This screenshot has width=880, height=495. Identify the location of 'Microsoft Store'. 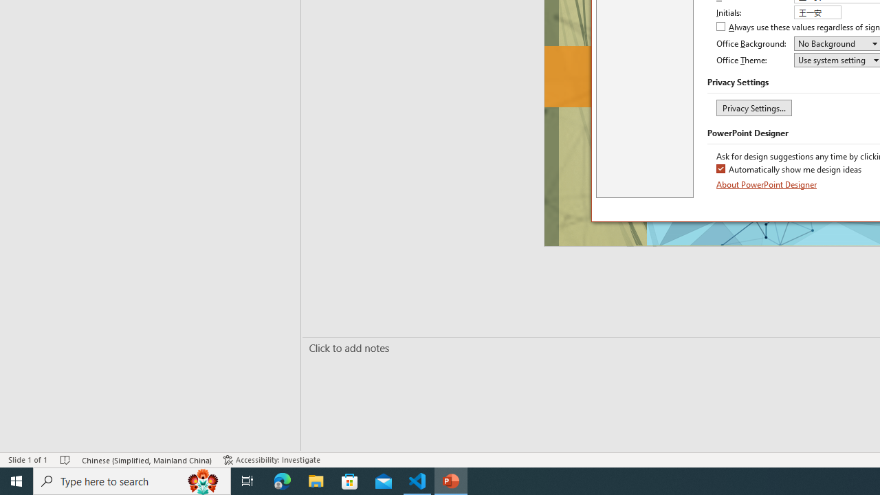
(350, 480).